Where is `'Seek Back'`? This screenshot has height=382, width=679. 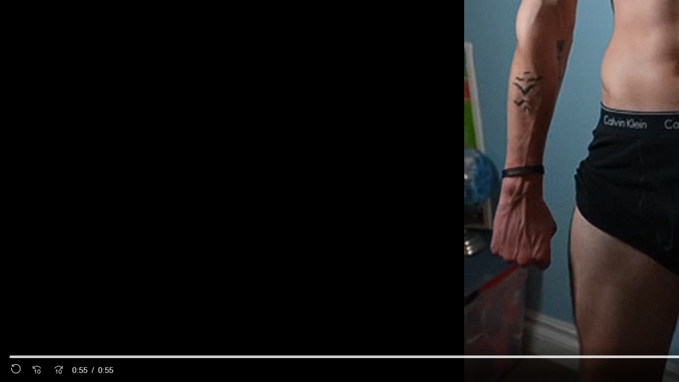
'Seek Back' is located at coordinates (37, 369).